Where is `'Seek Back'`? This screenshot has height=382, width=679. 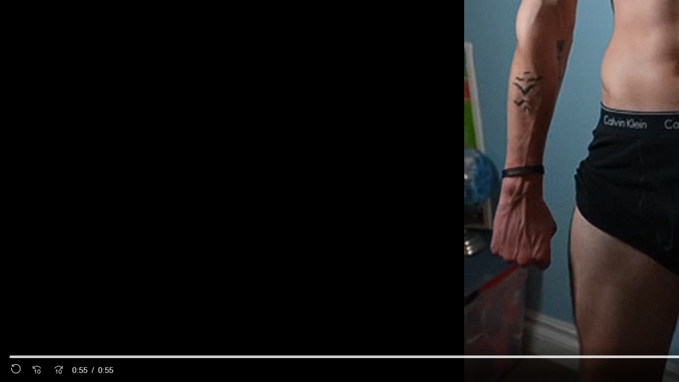
'Seek Back' is located at coordinates (37, 369).